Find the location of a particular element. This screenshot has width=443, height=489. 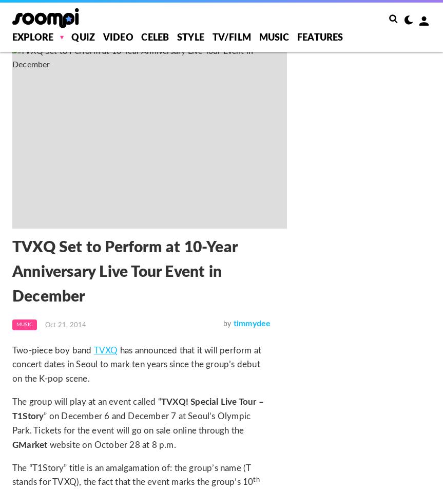

'Quiz' is located at coordinates (82, 37).